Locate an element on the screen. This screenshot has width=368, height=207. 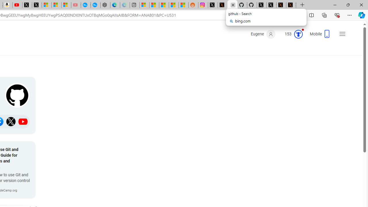
'Add this page to favorites (Ctrl+D)' is located at coordinates (296, 15).